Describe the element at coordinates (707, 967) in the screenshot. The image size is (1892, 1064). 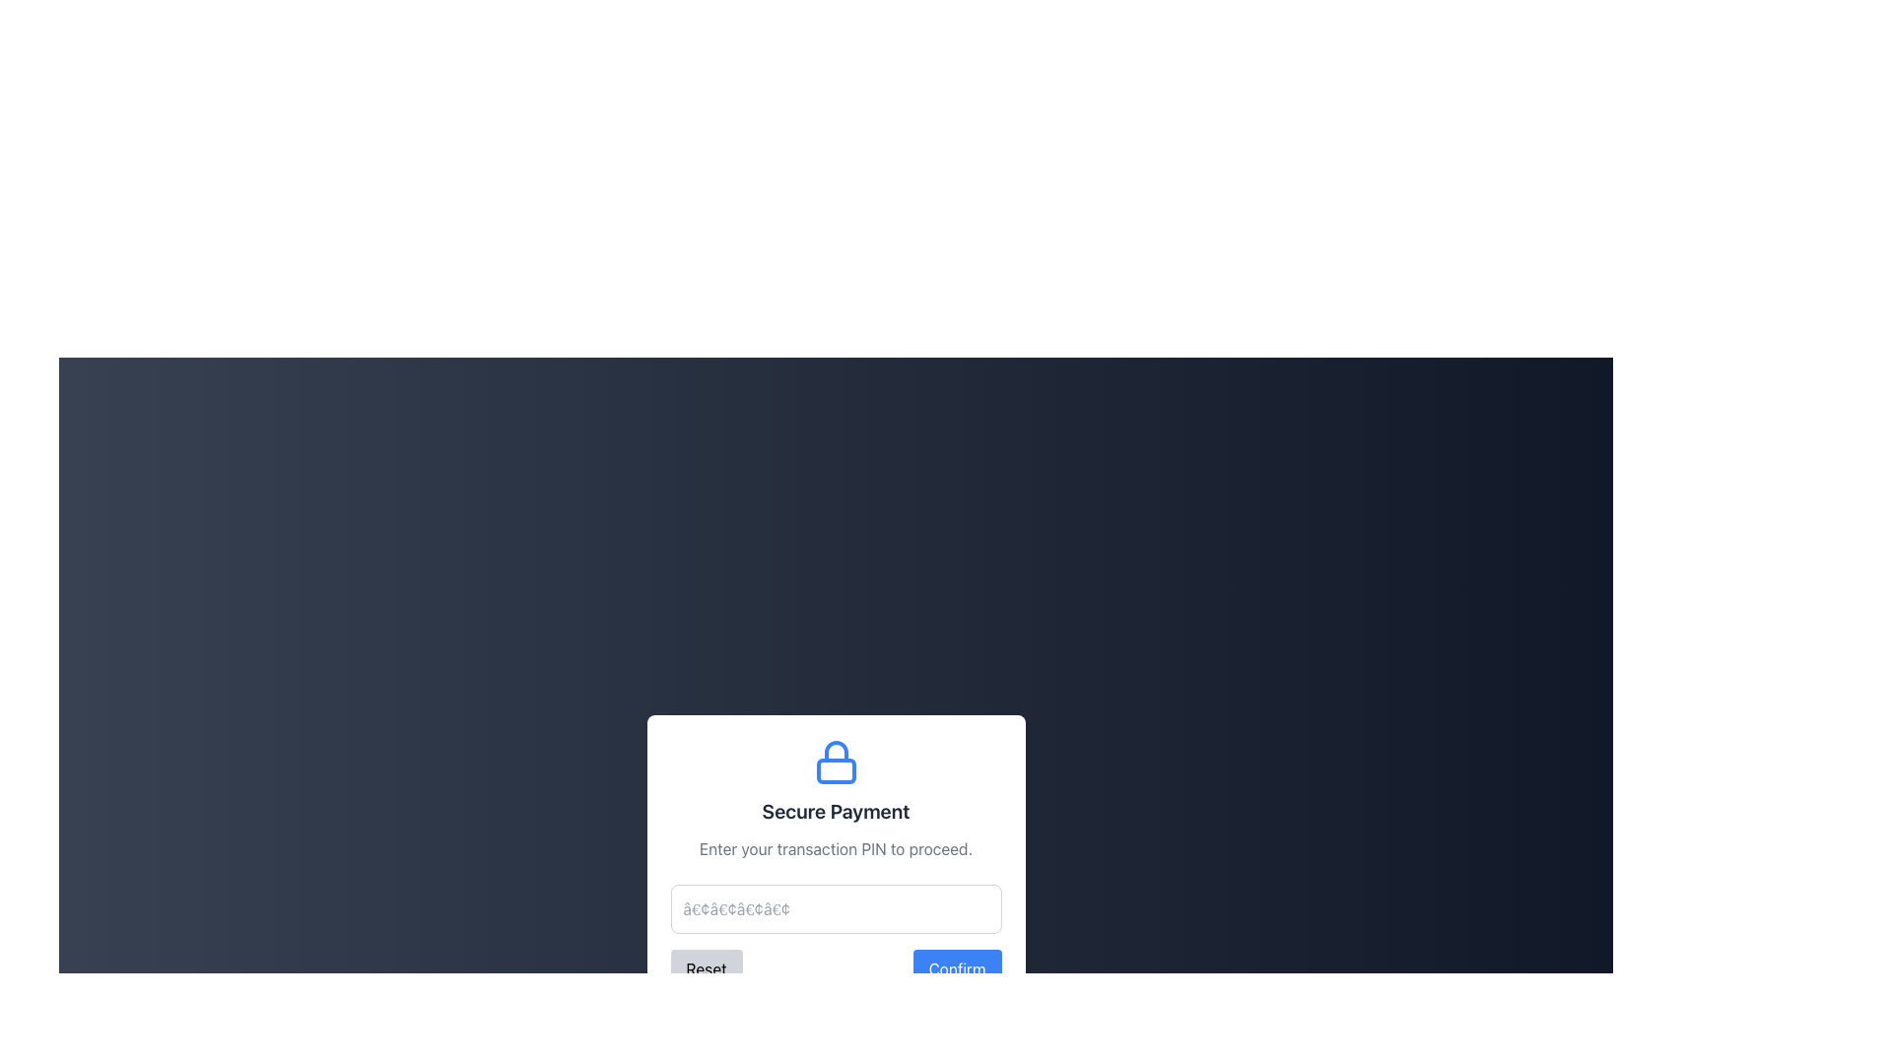
I see `the 'Reset' button, which is a rectangular button with rounded corners and a light gray background, located in the lower-left corner of a modal dialog box` at that location.